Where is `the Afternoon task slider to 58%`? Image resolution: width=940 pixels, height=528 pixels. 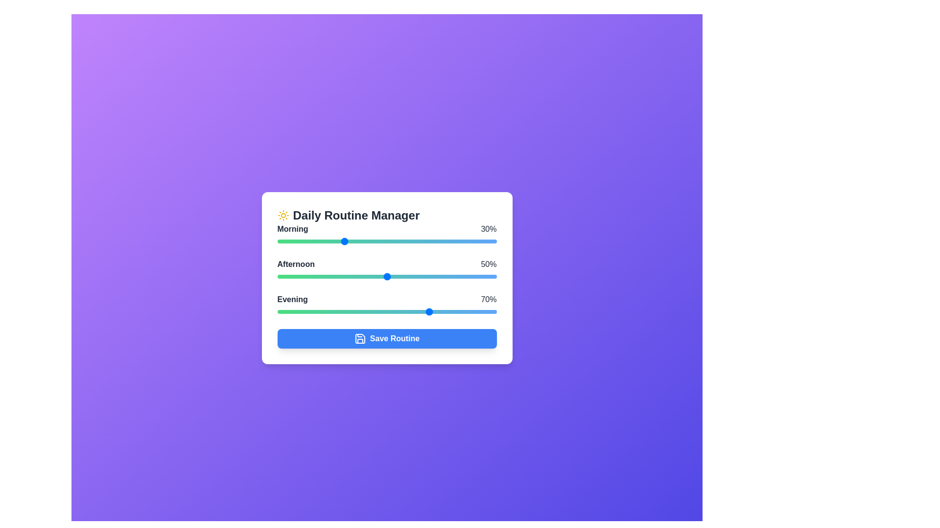
the Afternoon task slider to 58% is located at coordinates (404, 277).